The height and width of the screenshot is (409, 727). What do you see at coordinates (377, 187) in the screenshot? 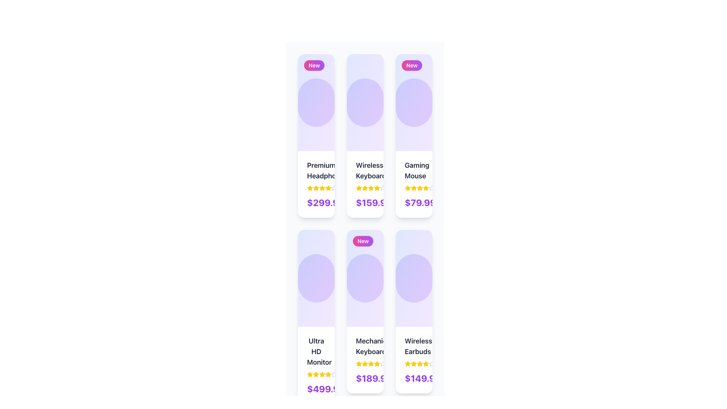
I see `the five-pointed star icon filled with yellow color, representing a rating or favorite mechanism, located below the product title 'Wireless Keyboard'` at bounding box center [377, 187].